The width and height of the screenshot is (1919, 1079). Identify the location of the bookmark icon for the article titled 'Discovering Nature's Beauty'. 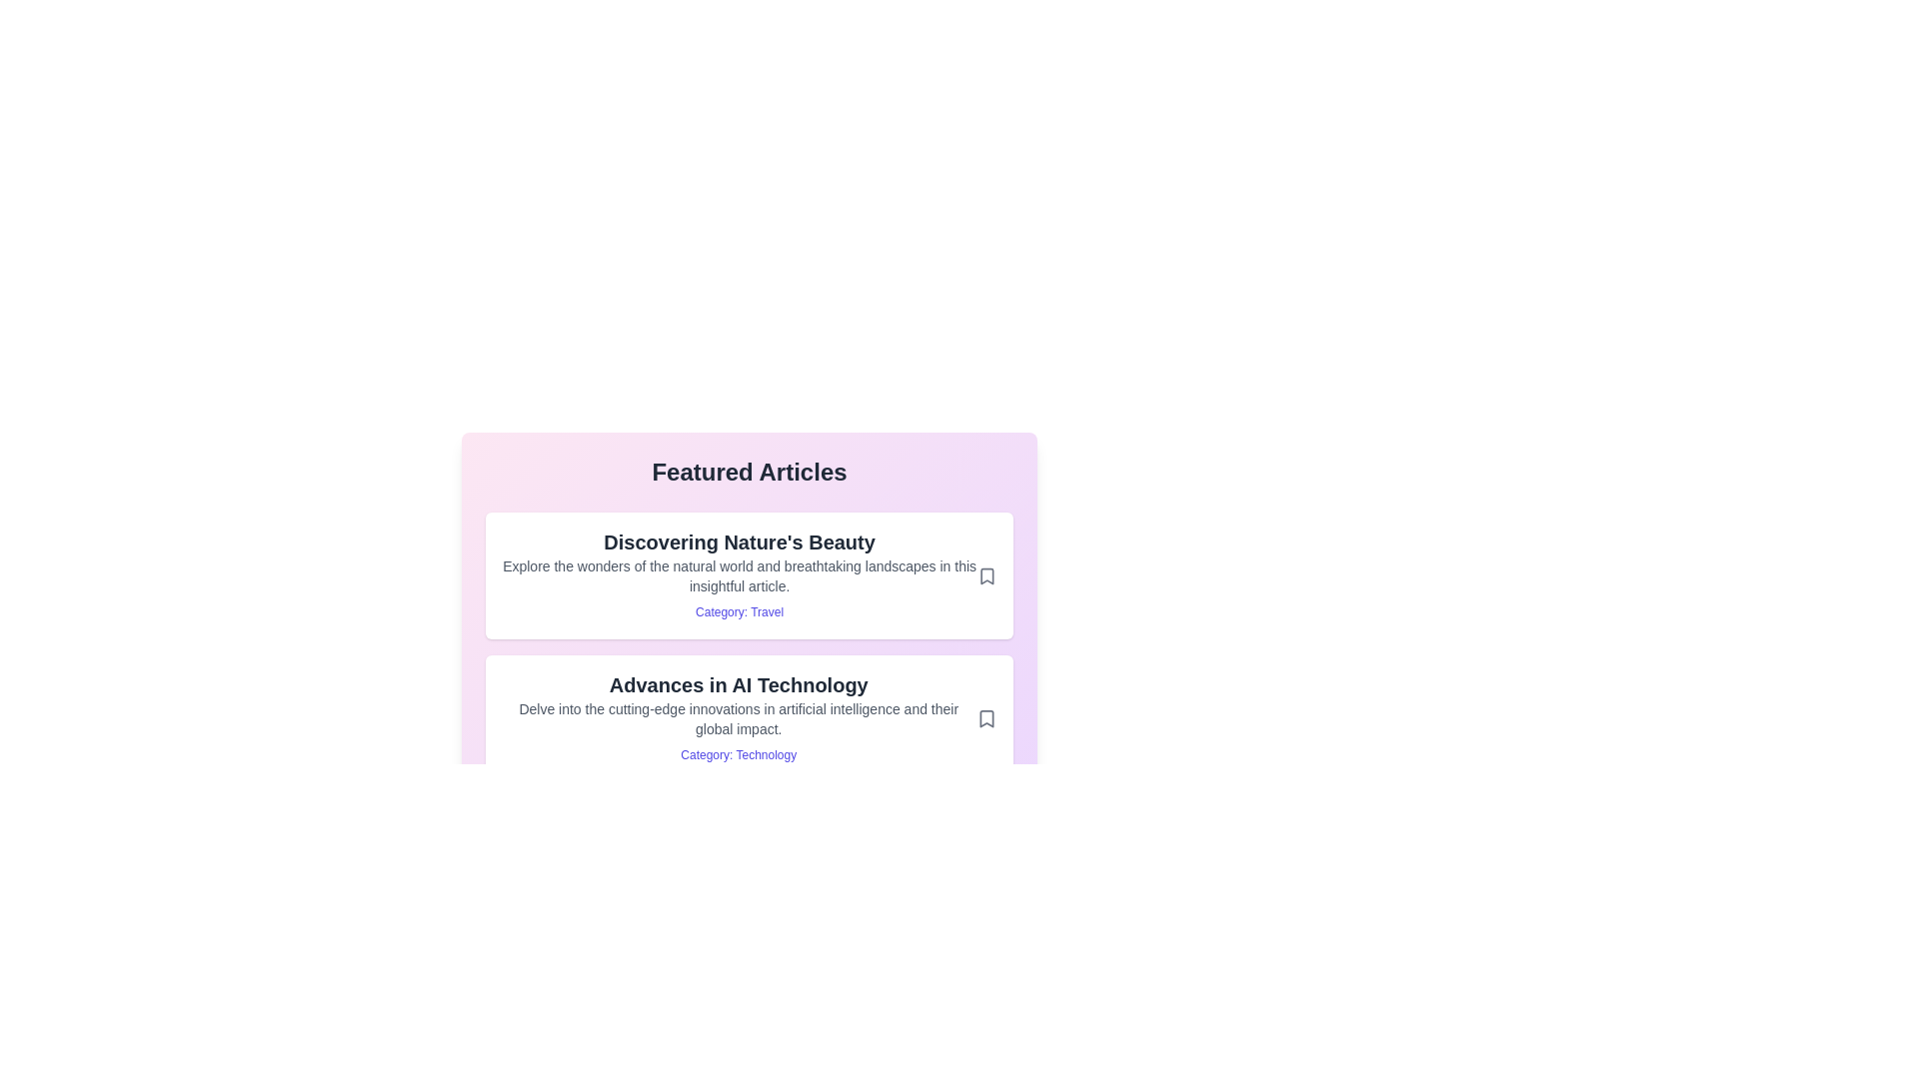
(987, 575).